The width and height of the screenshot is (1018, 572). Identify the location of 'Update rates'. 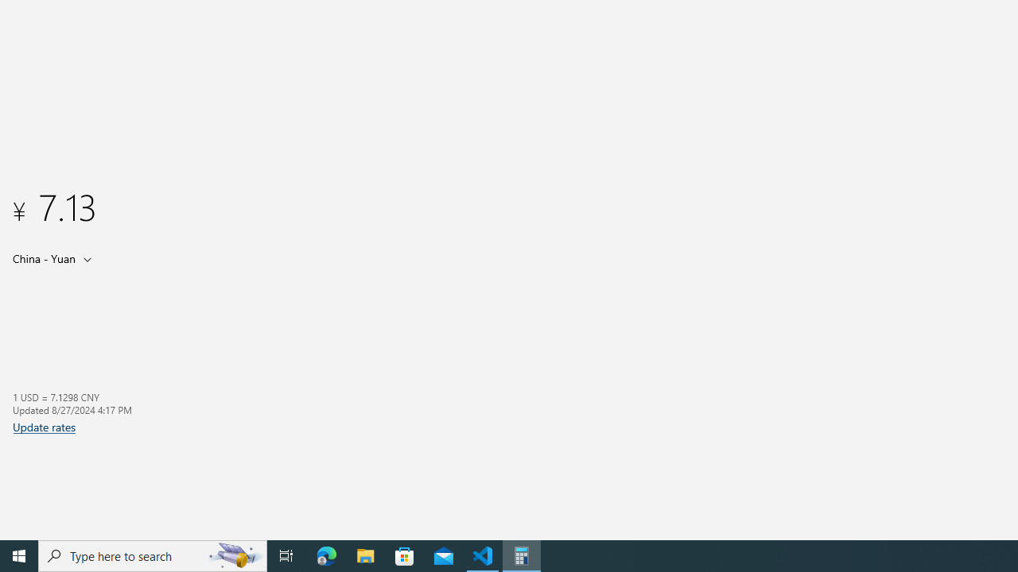
(44, 426).